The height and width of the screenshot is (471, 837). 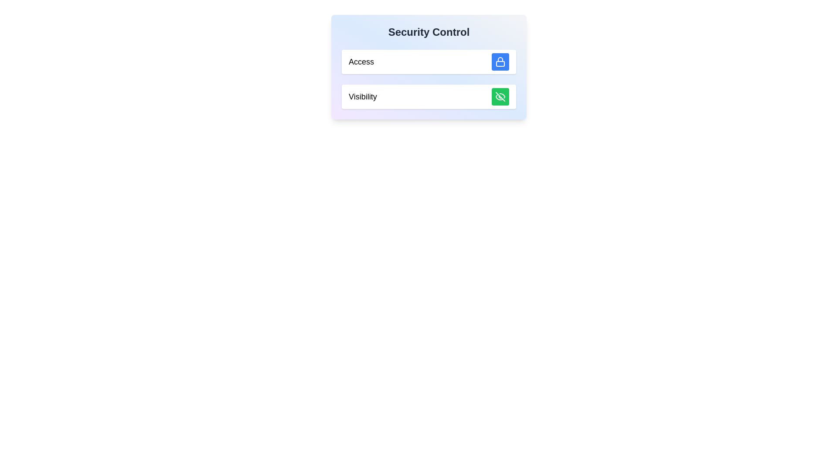 I want to click on the SVG Icon representing access control located next to the 'Access' label in the 'Security Control' section, so click(x=500, y=61).